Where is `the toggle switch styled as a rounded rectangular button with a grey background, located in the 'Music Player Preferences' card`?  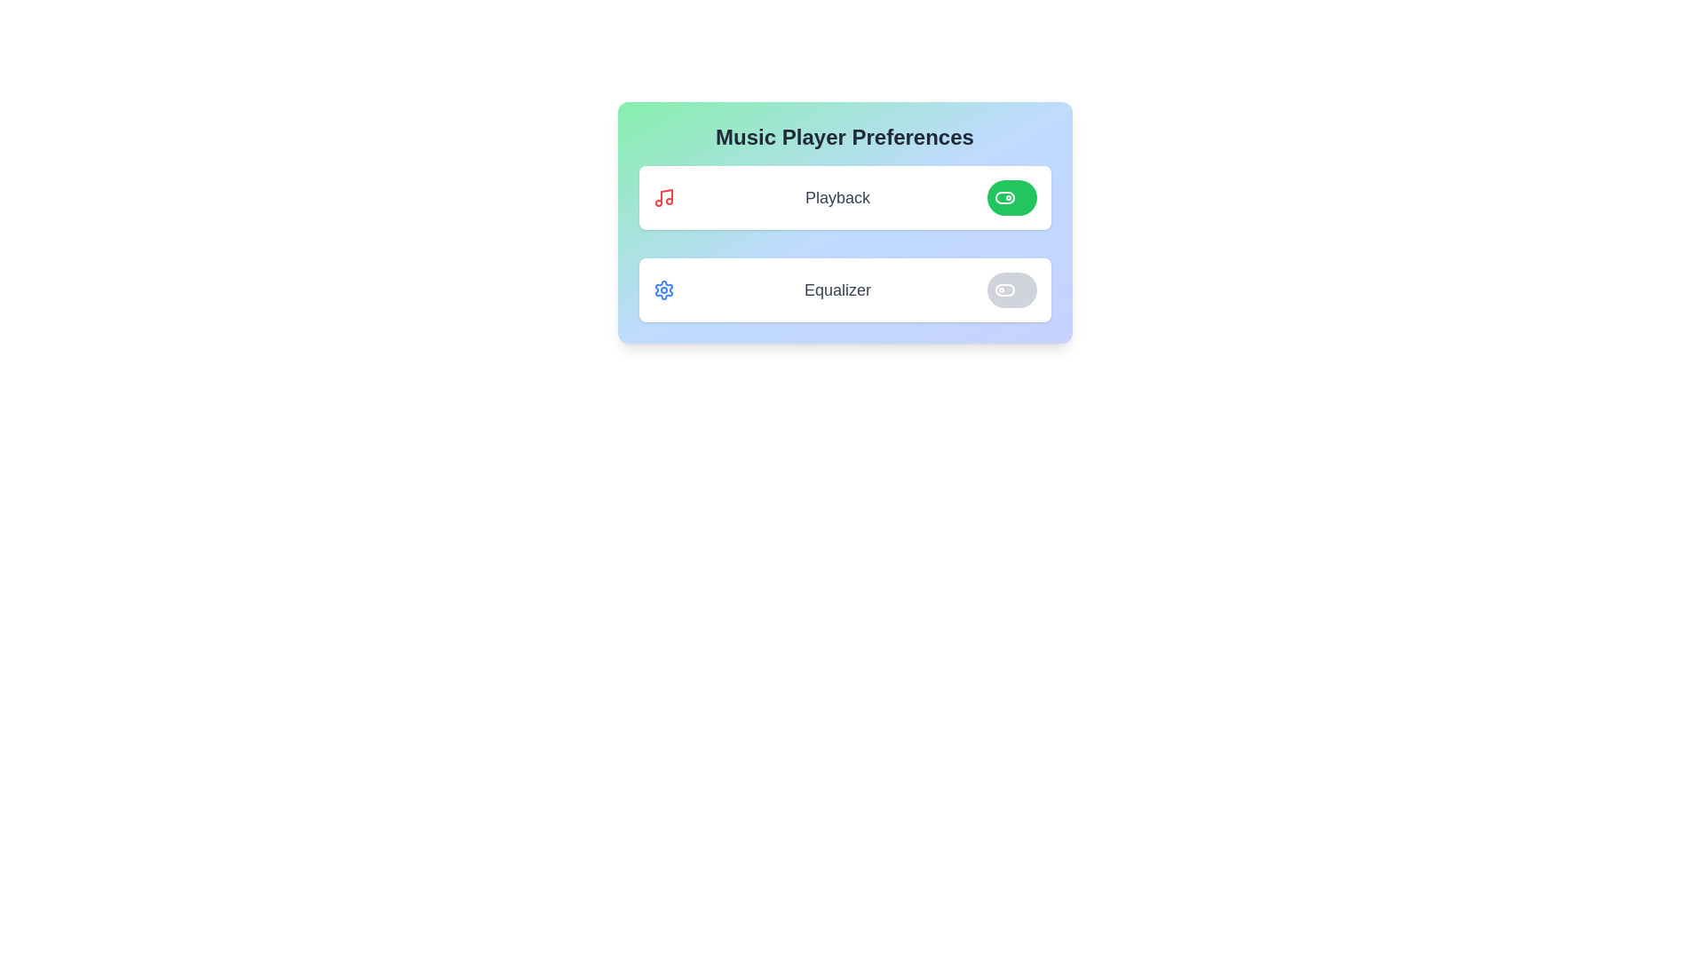
the toggle switch styled as a rounded rectangular button with a grey background, located in the 'Music Player Preferences' card is located at coordinates (1011, 289).